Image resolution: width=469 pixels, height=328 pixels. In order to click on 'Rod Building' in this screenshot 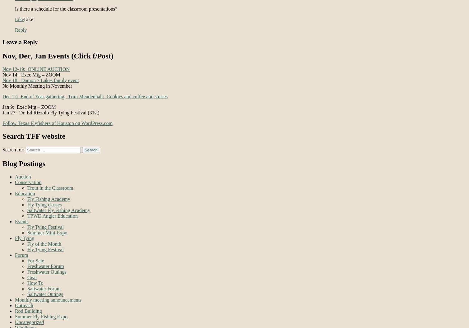, I will do `click(15, 311)`.